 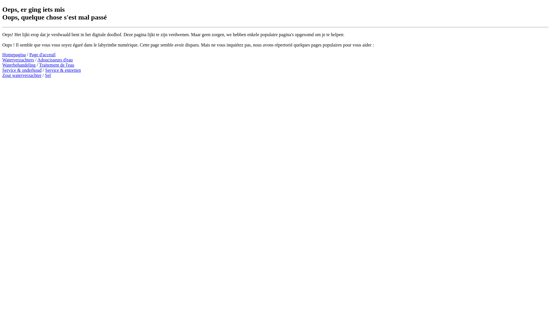 I want to click on 'Page d'acceuil', so click(x=42, y=55).